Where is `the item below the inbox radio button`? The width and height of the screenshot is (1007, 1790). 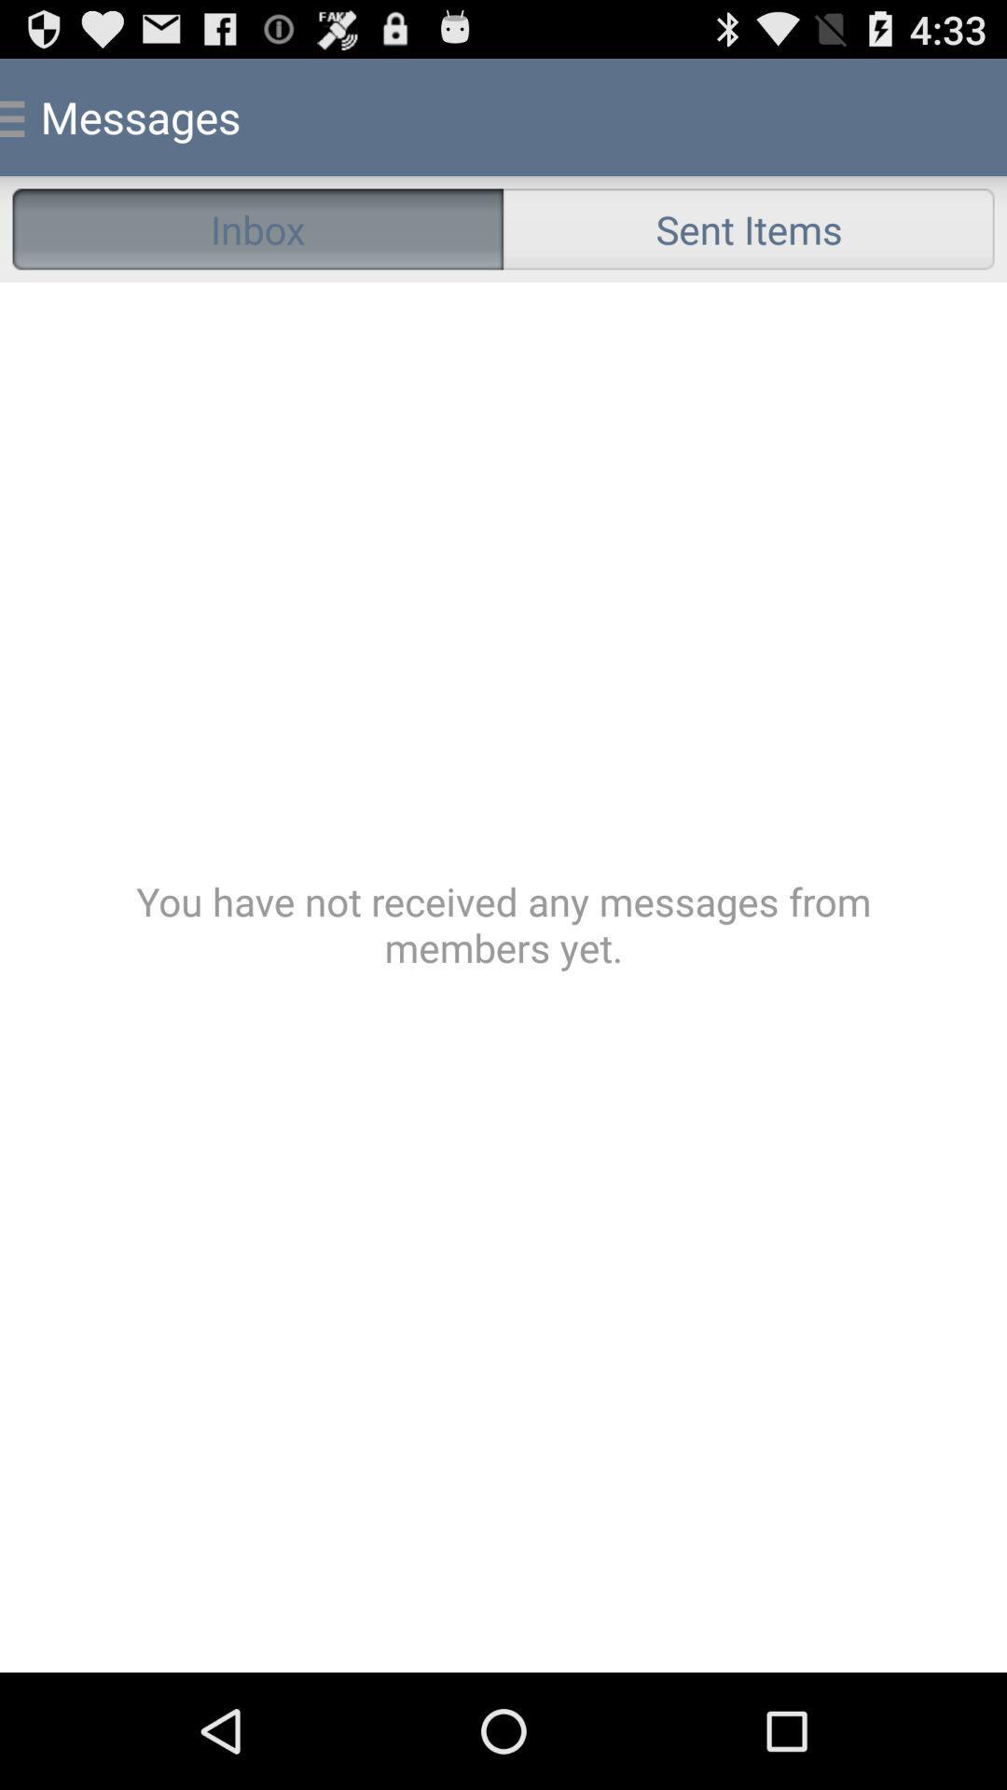
the item below the inbox radio button is located at coordinates (504, 976).